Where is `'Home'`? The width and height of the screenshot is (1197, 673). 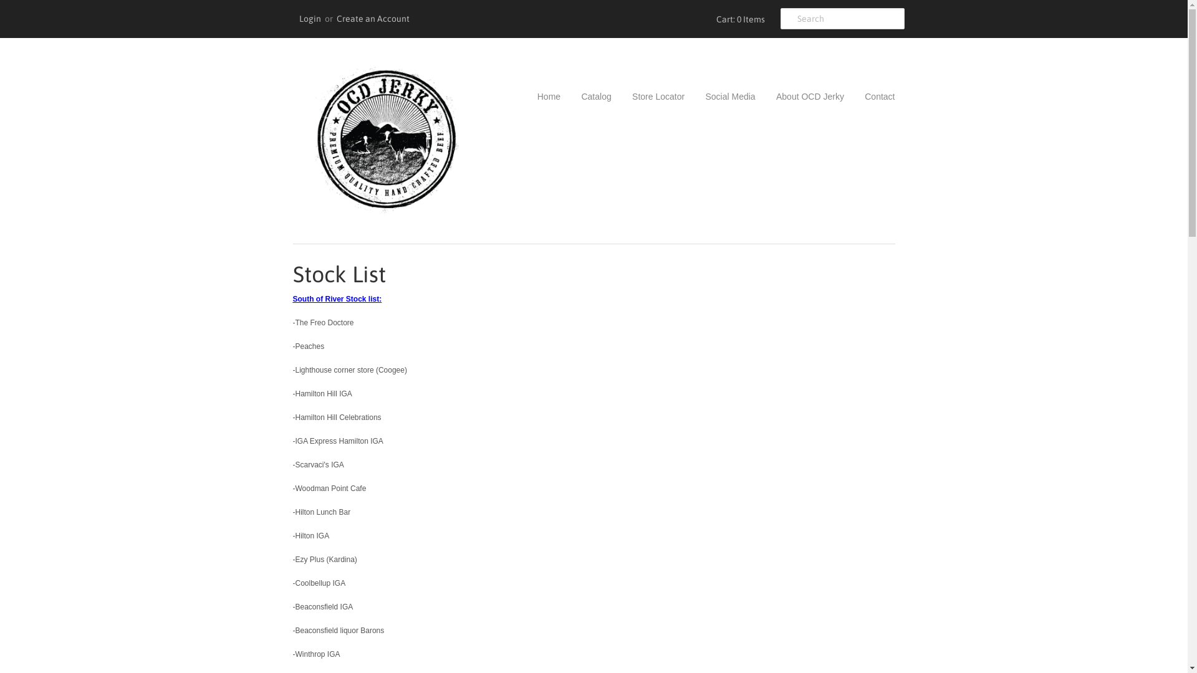
'Home' is located at coordinates (537, 95).